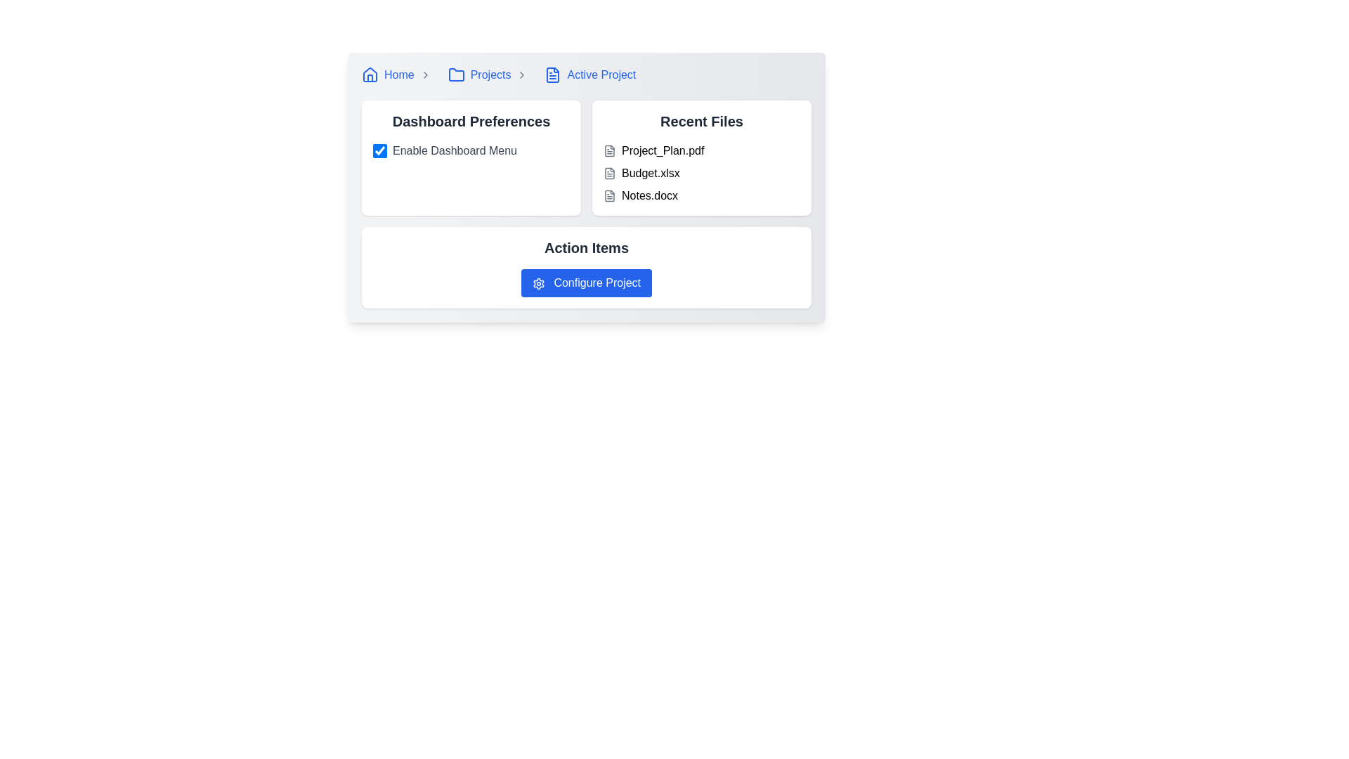 Image resolution: width=1349 pixels, height=759 pixels. I want to click on the 'Configure Project' button located at the bottom of the 'Action Items' card, which has a white background and rounded corners, so click(587, 268).